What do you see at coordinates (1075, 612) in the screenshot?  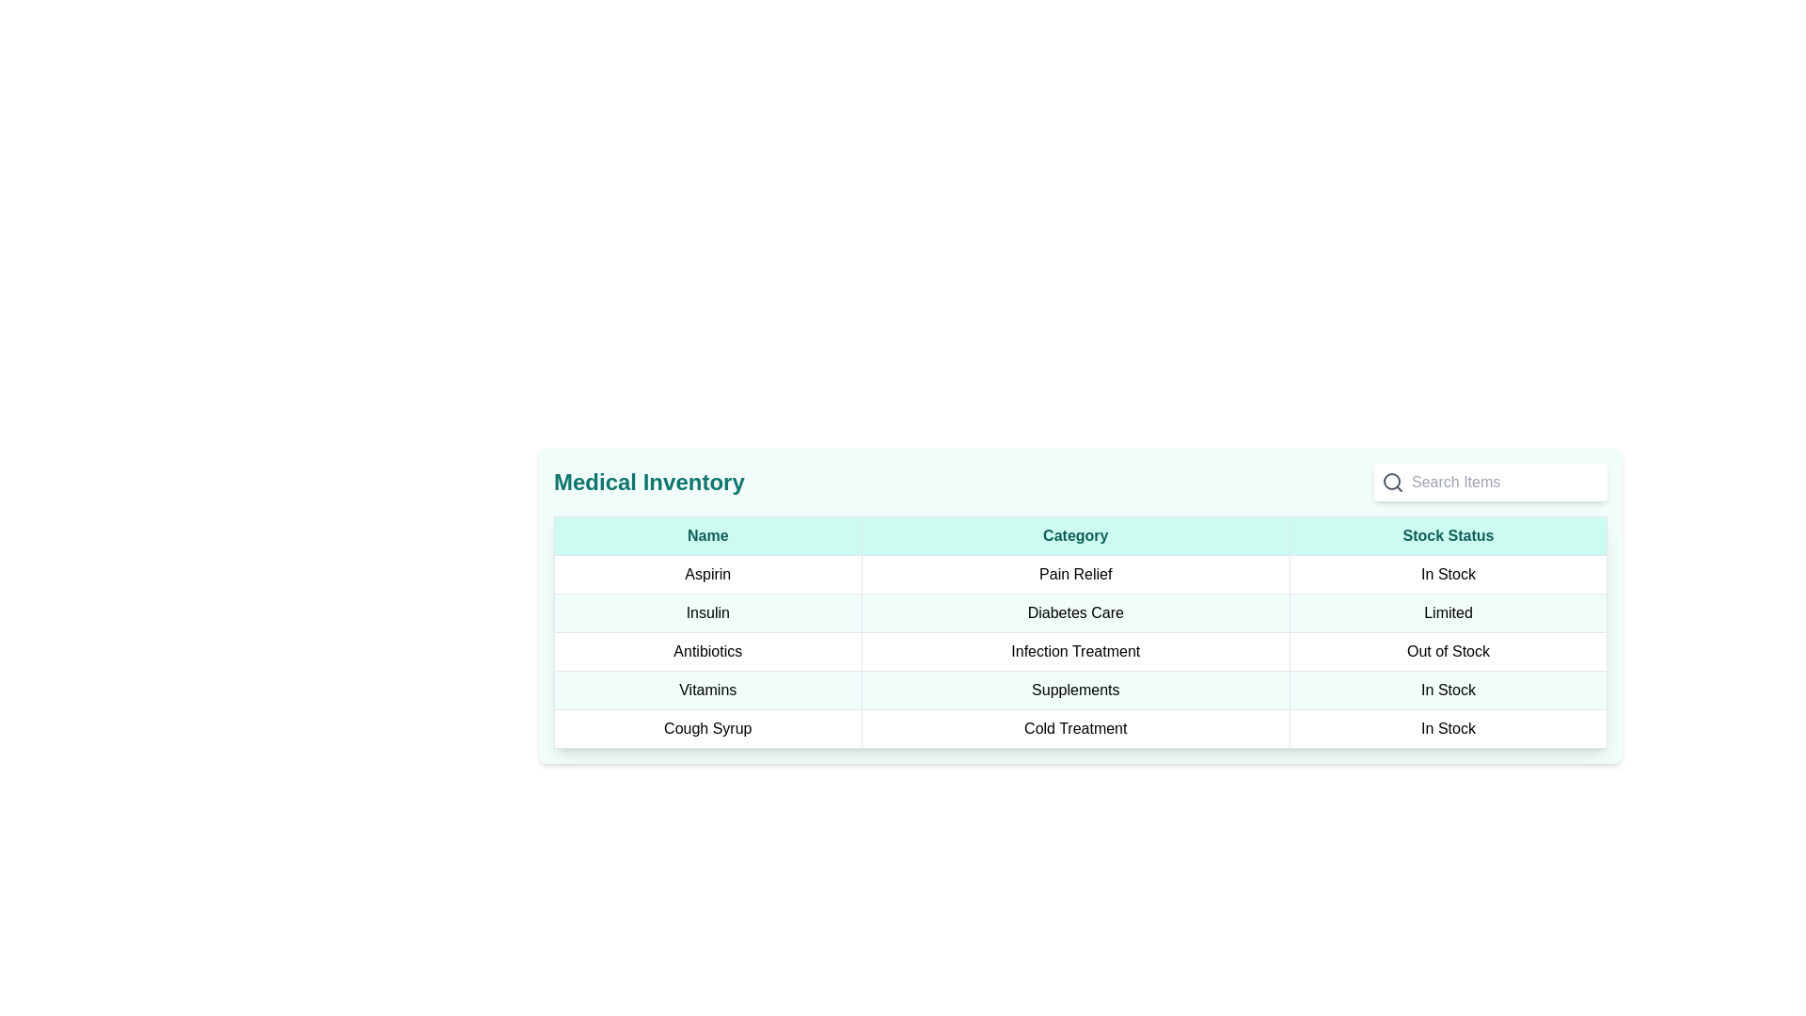 I see `the text label that indicates the category 'Diabetes Care' for the medical inventory item 'Insulin', which is centrally aligned in the 'Category' column of its table row` at bounding box center [1075, 612].